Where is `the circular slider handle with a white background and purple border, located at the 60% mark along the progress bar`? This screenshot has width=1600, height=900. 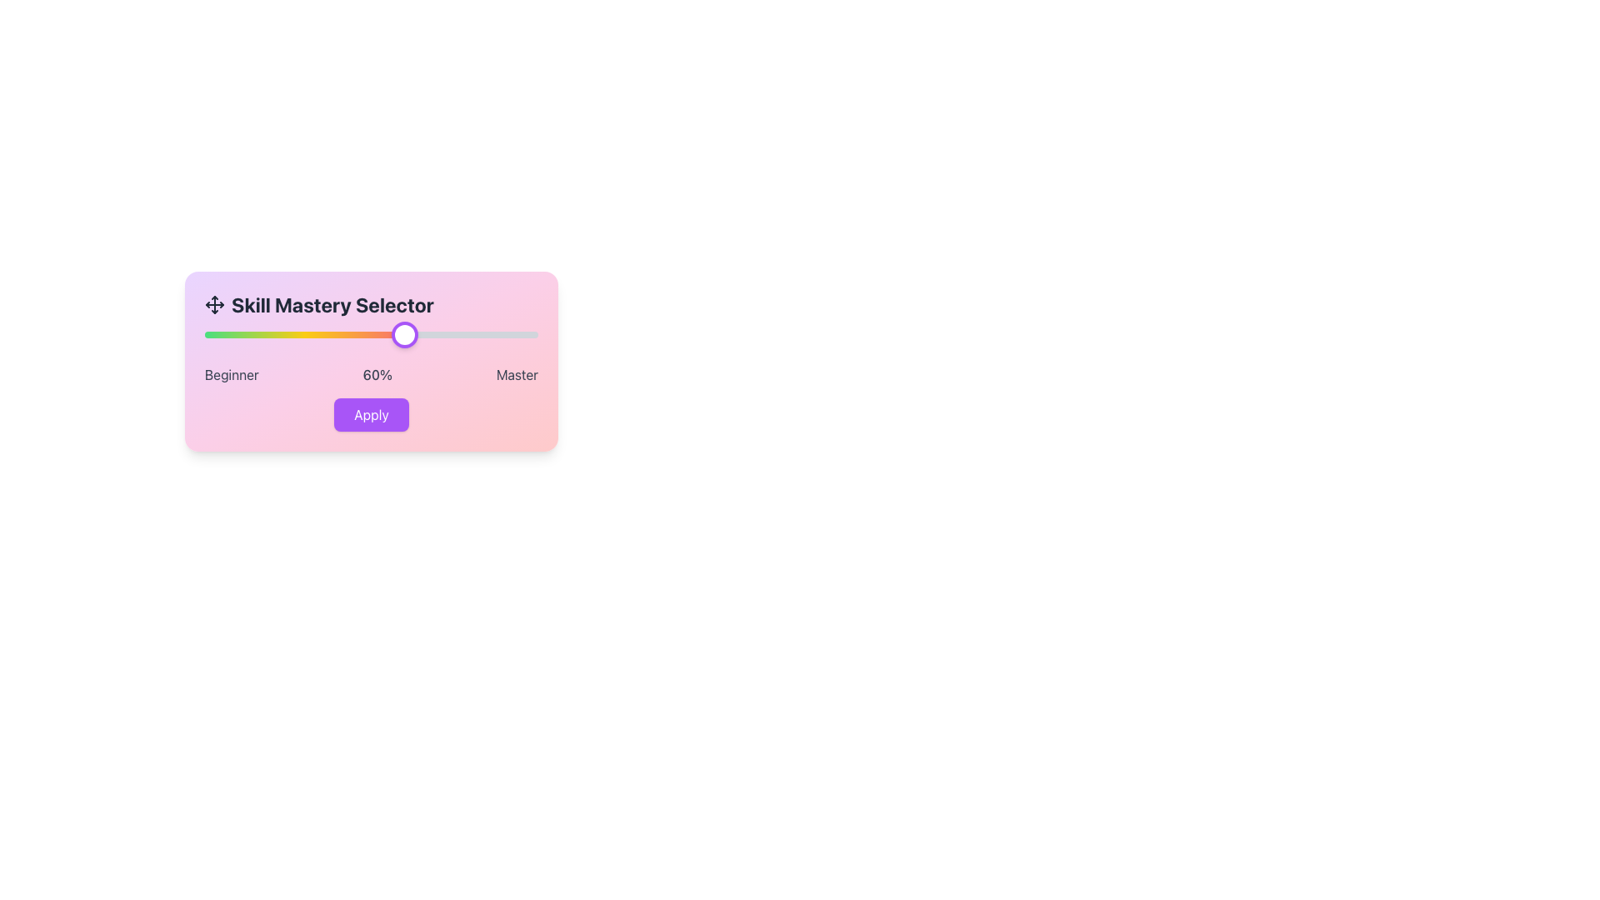
the circular slider handle with a white background and purple border, located at the 60% mark along the progress bar is located at coordinates (404, 334).